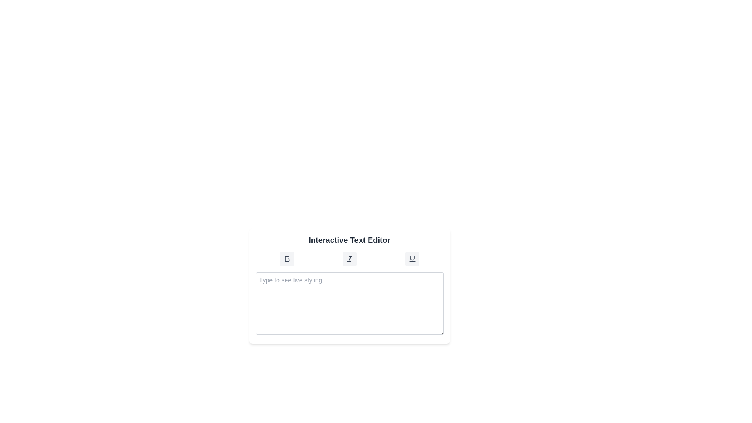 This screenshot has width=752, height=423. Describe the element at coordinates (412, 258) in the screenshot. I see `the third button with a light gray background and an underline format icon to apply underline styling in the interactive text editor interface` at that location.